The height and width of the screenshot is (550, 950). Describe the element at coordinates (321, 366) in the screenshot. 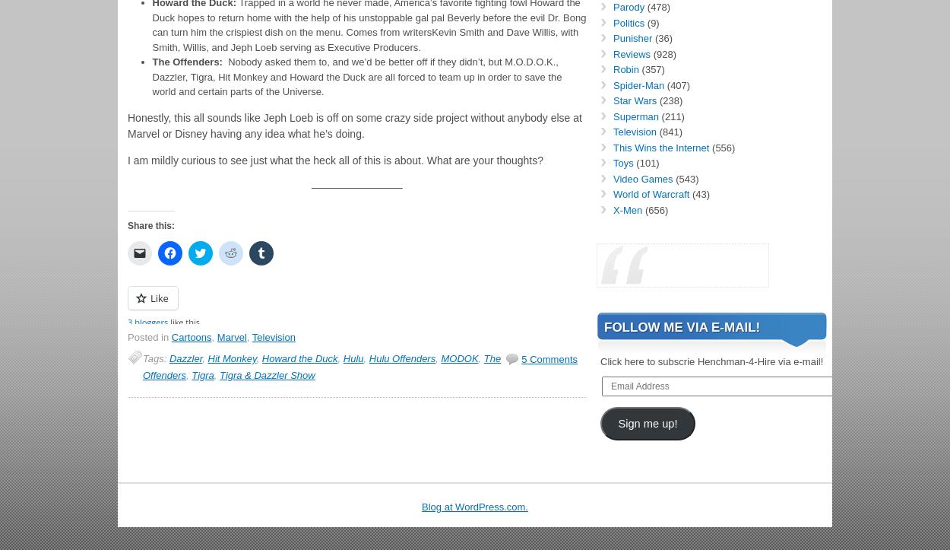

I see `'The Offenders'` at that location.